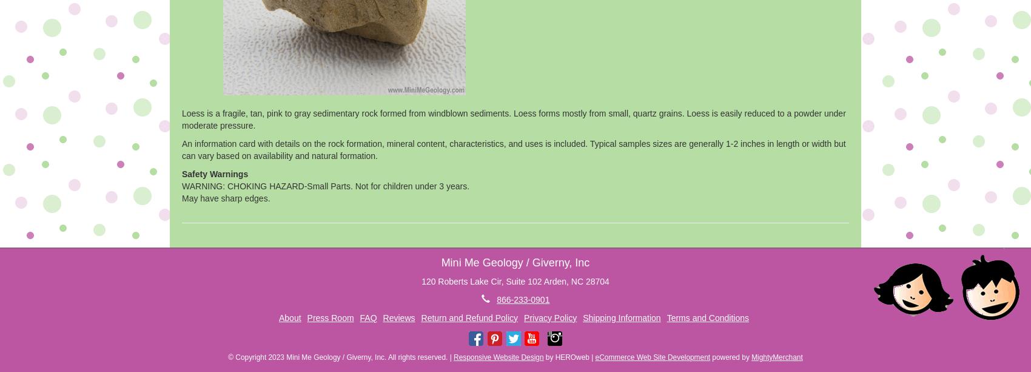 The image size is (1031, 372). I want to click on 'Reviews', so click(398, 317).